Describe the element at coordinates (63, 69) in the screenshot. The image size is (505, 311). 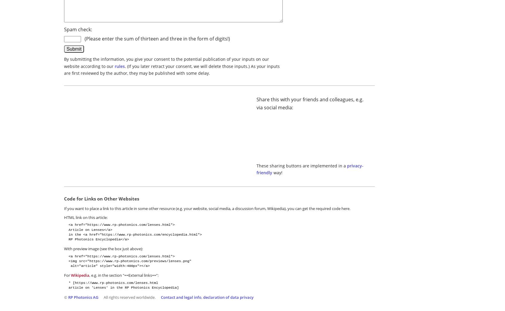
I see `'. (If you later retract your consent, we will delete those inputs.) As your inputs are first reviewed by the author, they may be published with some delay.'` at that location.